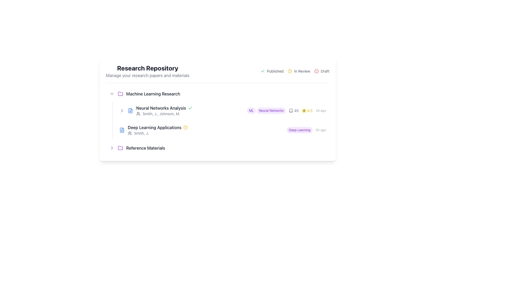  I want to click on the user group icon located to the left of the text 'Smith, J., Johnson, M.' in the 'Machine Learning Research' section to understand its association, so click(138, 113).